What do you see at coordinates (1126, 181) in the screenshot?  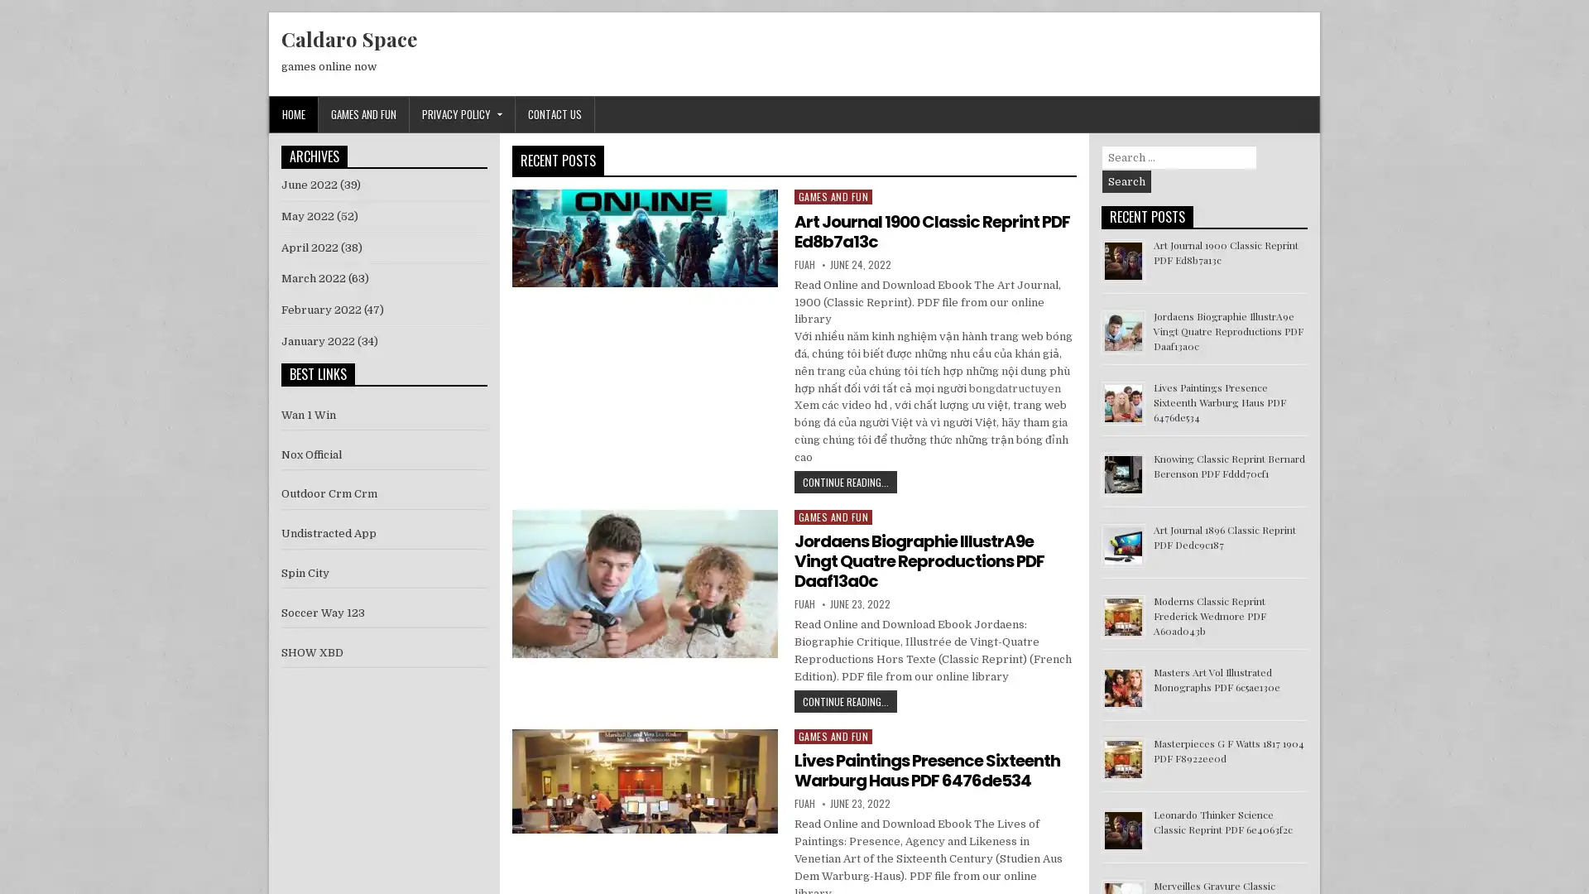 I see `Search` at bounding box center [1126, 181].